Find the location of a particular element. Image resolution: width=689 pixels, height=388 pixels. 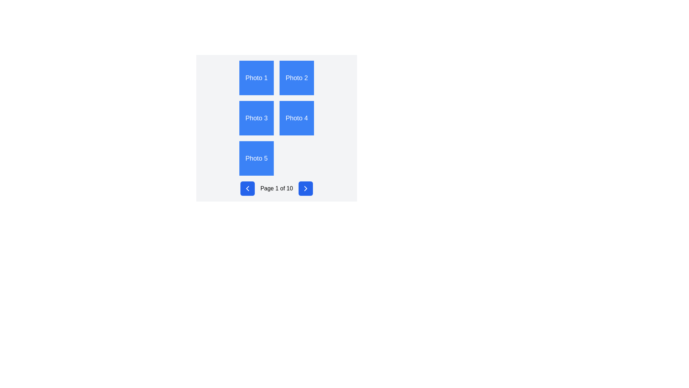

the square-shaped button labeled 'Photo 5' with a bold blue background located in the bottom-left corner of the grid is located at coordinates (257, 158).